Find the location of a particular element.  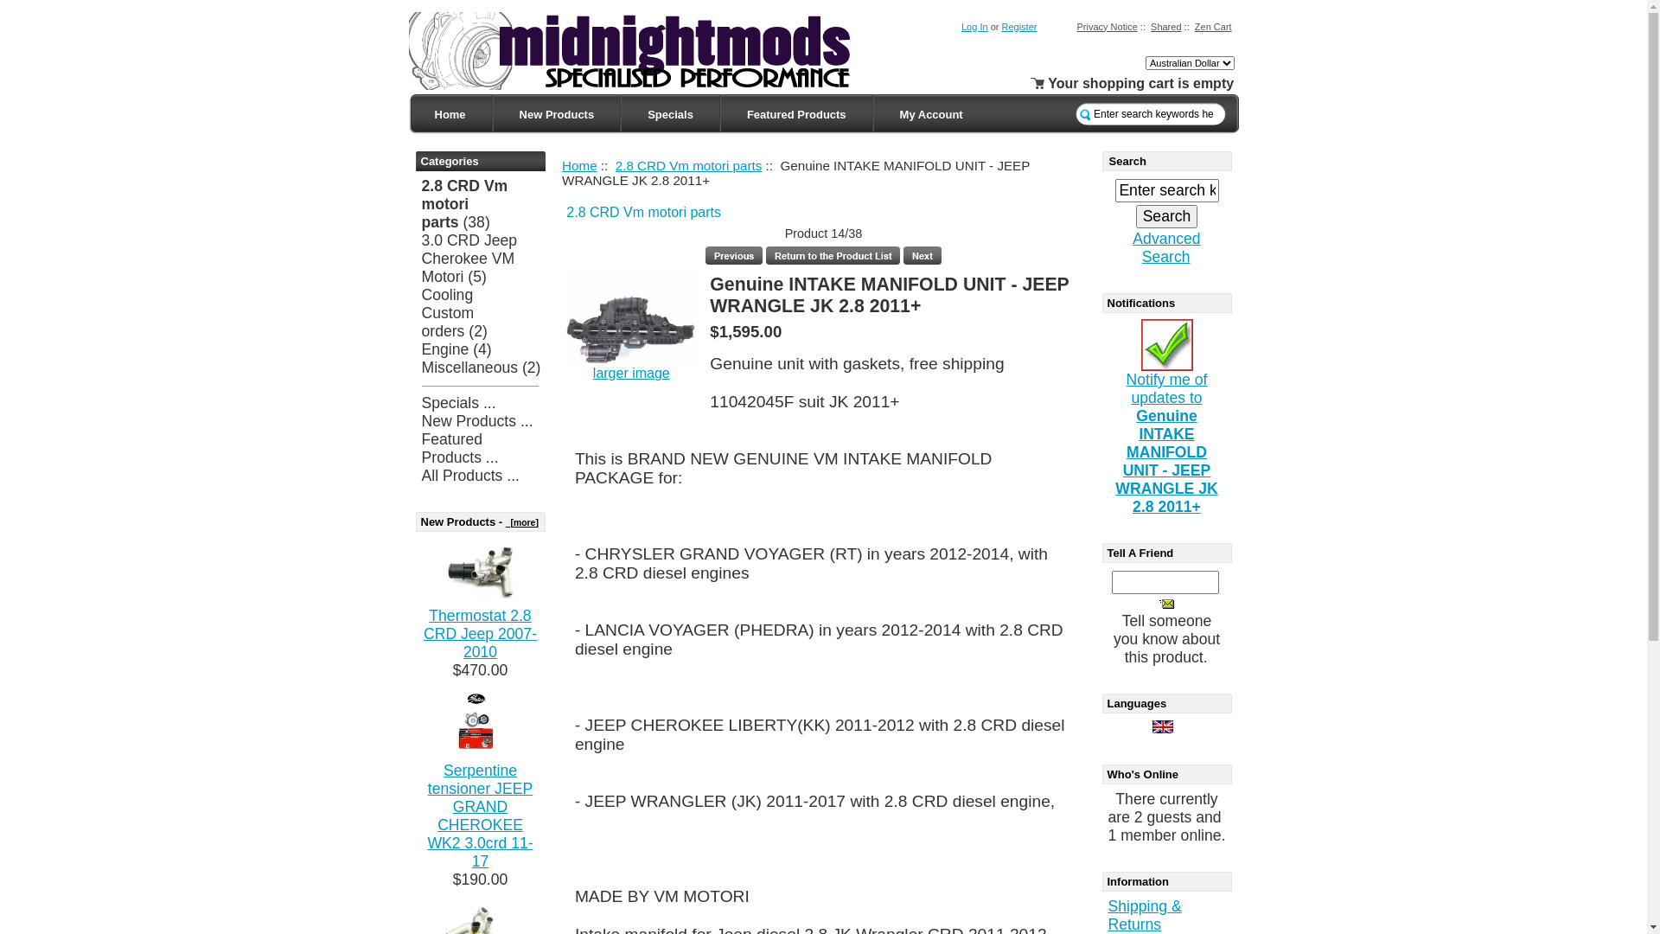

'New Products' is located at coordinates (557, 114).